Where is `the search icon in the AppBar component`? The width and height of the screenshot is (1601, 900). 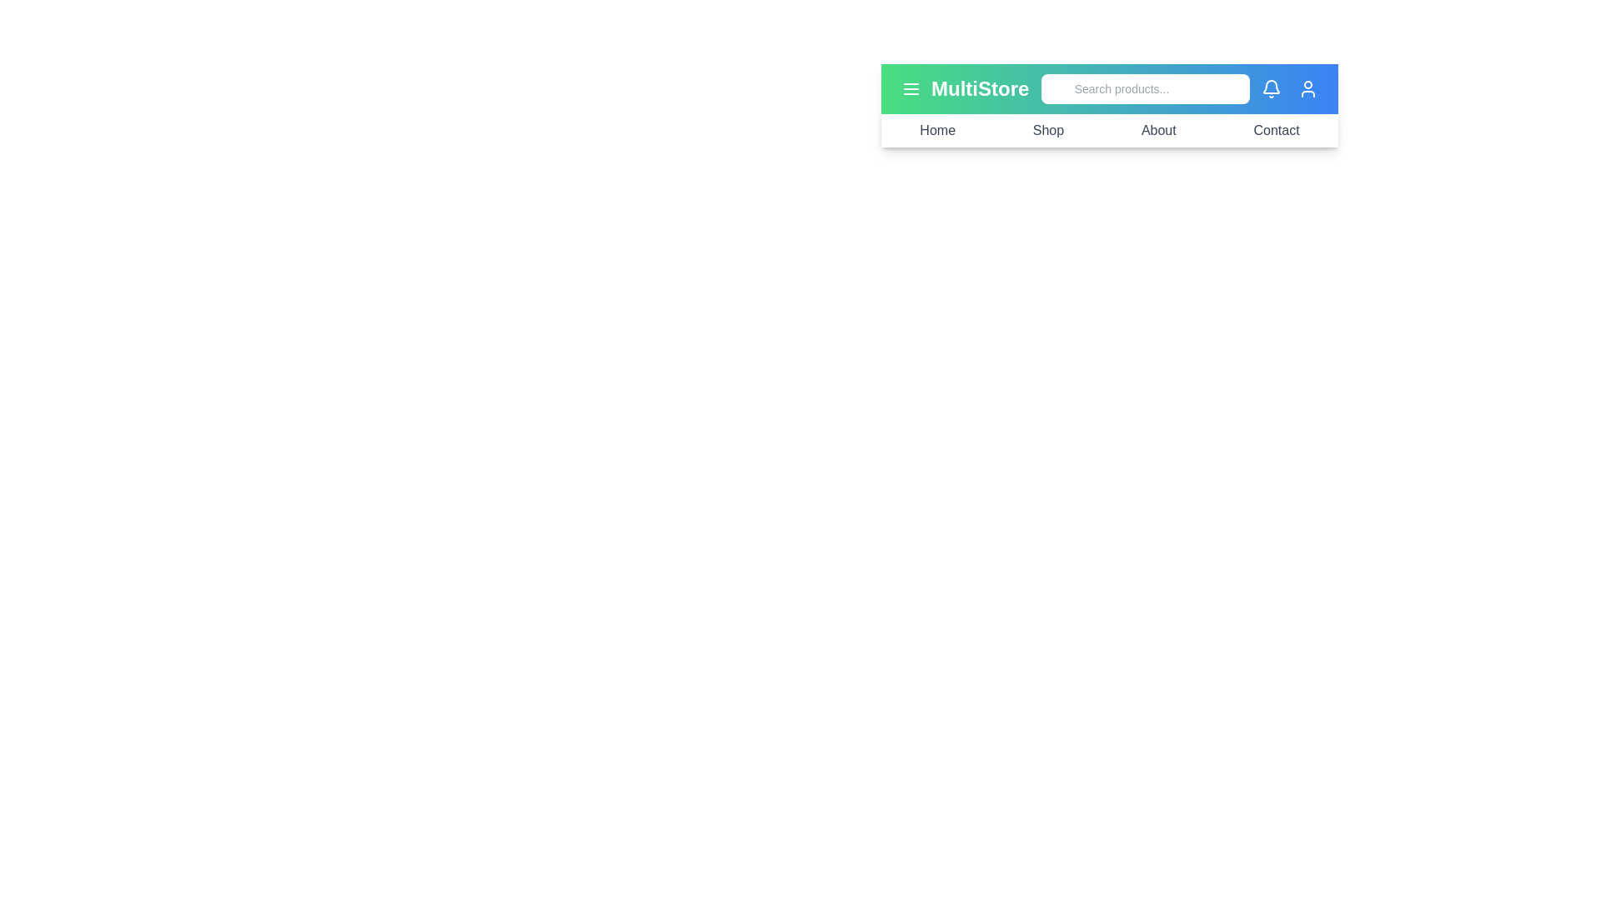 the search icon in the AppBar component is located at coordinates (1058, 89).